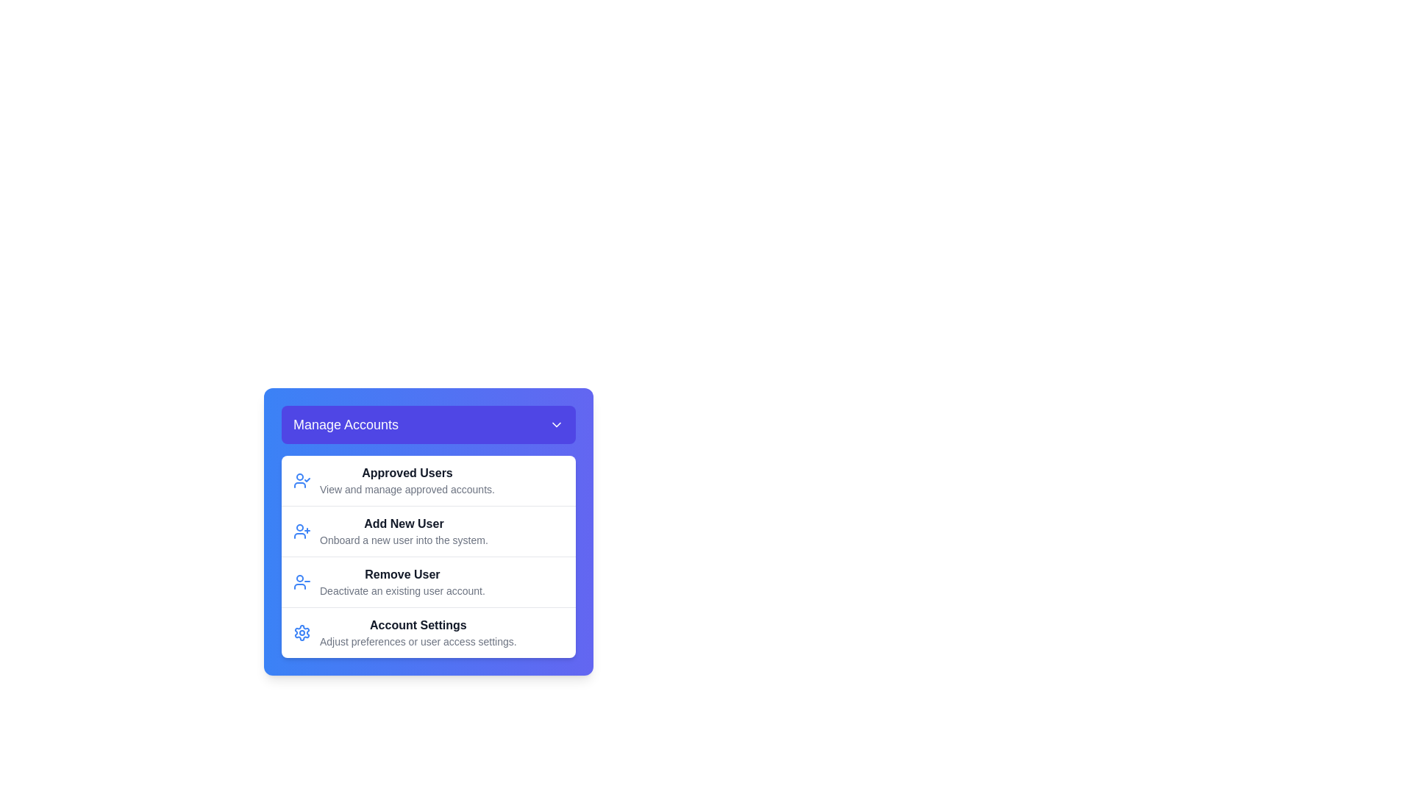 This screenshot has height=794, width=1412. Describe the element at coordinates (417, 640) in the screenshot. I see `static informational text that says 'Adjust preferences or user access settings.' positioned beneath the 'Account Settings' title` at that location.